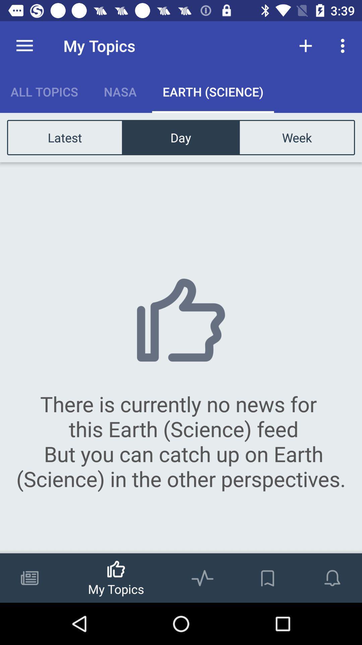 This screenshot has height=645, width=362. I want to click on the icon next to week, so click(180, 137).